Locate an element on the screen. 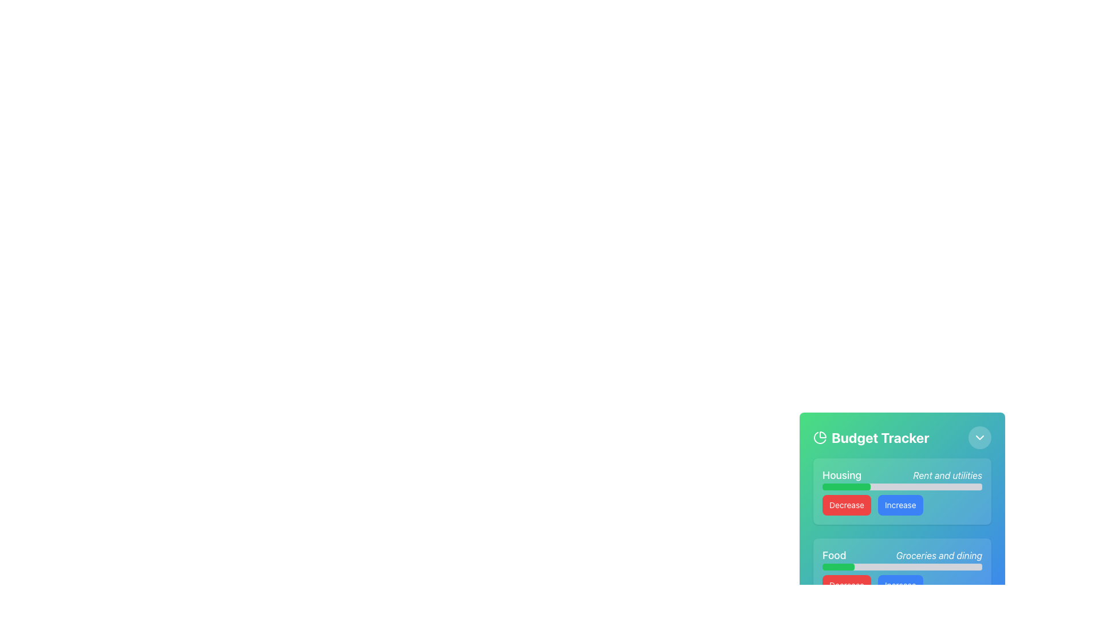  the 'Decrease' button in the 'Housing' section of the 'Budget Tracker' interface to interact with any hover effects is located at coordinates (847, 505).